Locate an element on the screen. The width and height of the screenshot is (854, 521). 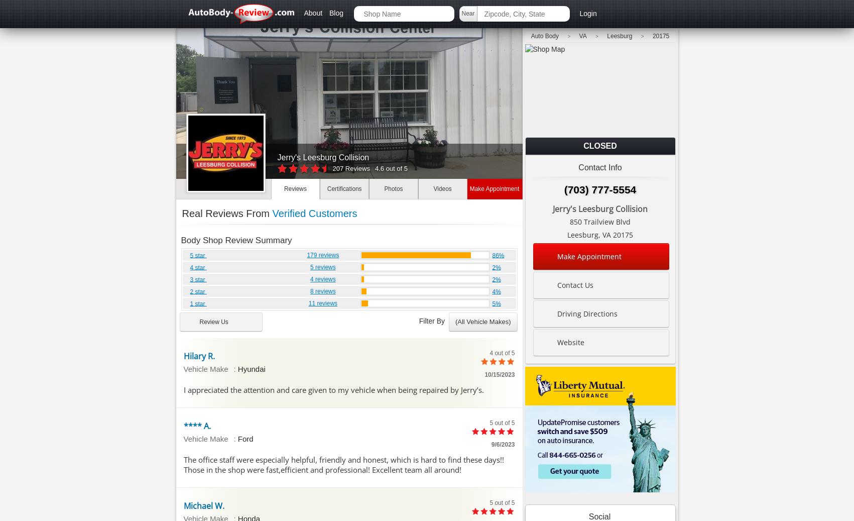
'4%' is located at coordinates (492, 291).